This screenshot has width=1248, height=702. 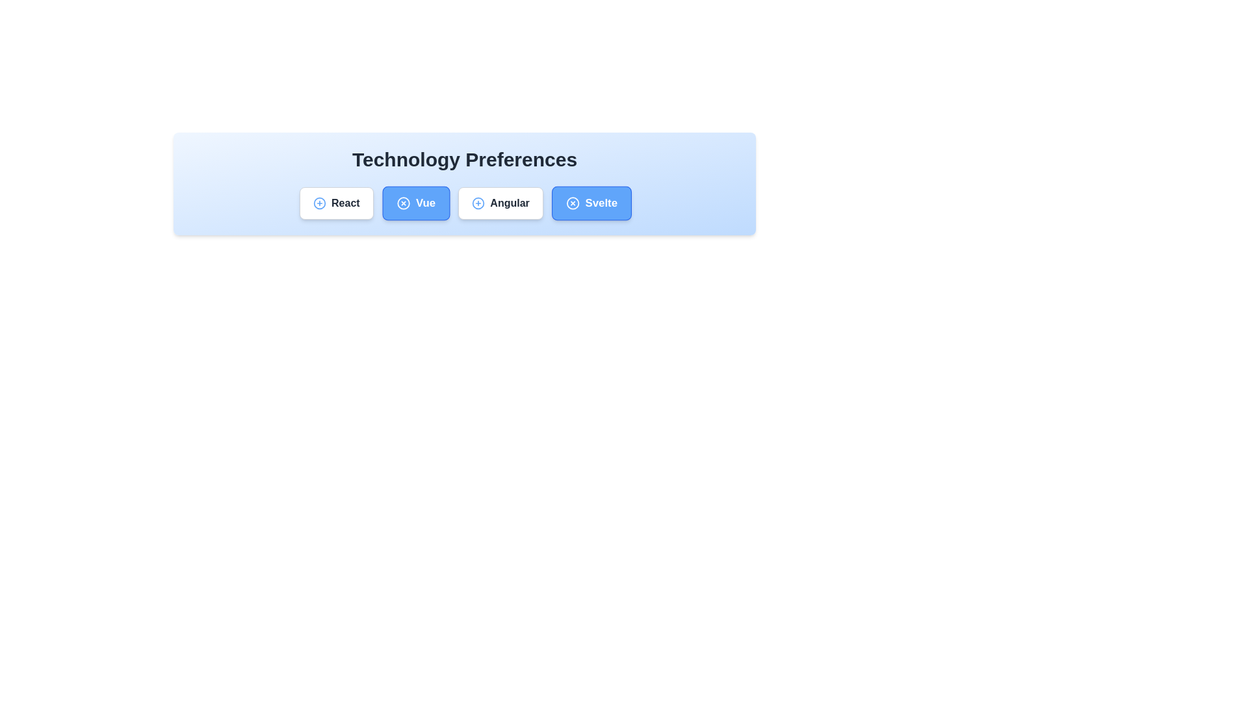 What do you see at coordinates (336, 203) in the screenshot?
I see `the chip labeled React to observe its hover effect` at bounding box center [336, 203].